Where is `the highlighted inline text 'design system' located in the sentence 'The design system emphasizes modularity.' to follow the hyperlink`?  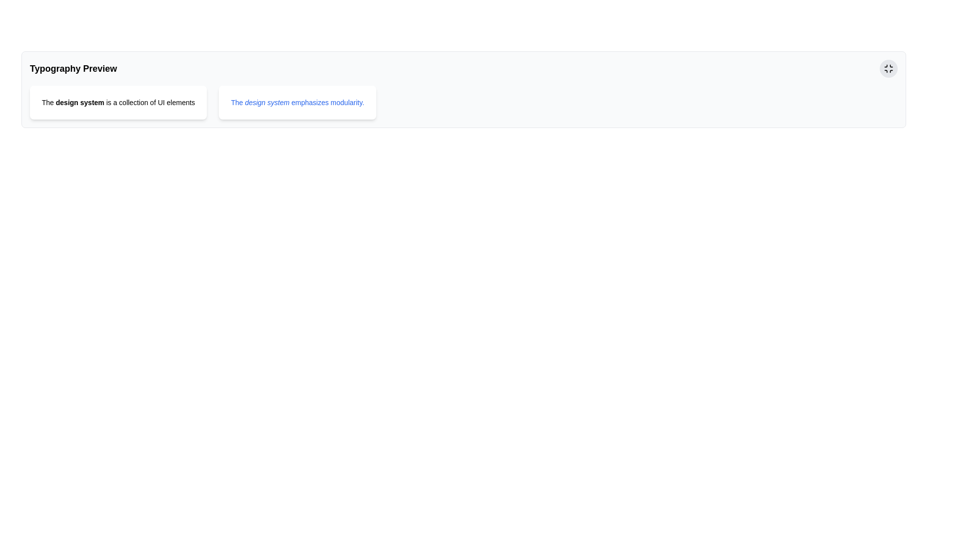
the highlighted inline text 'design system' located in the sentence 'The design system emphasizes modularity.' to follow the hyperlink is located at coordinates (267, 102).